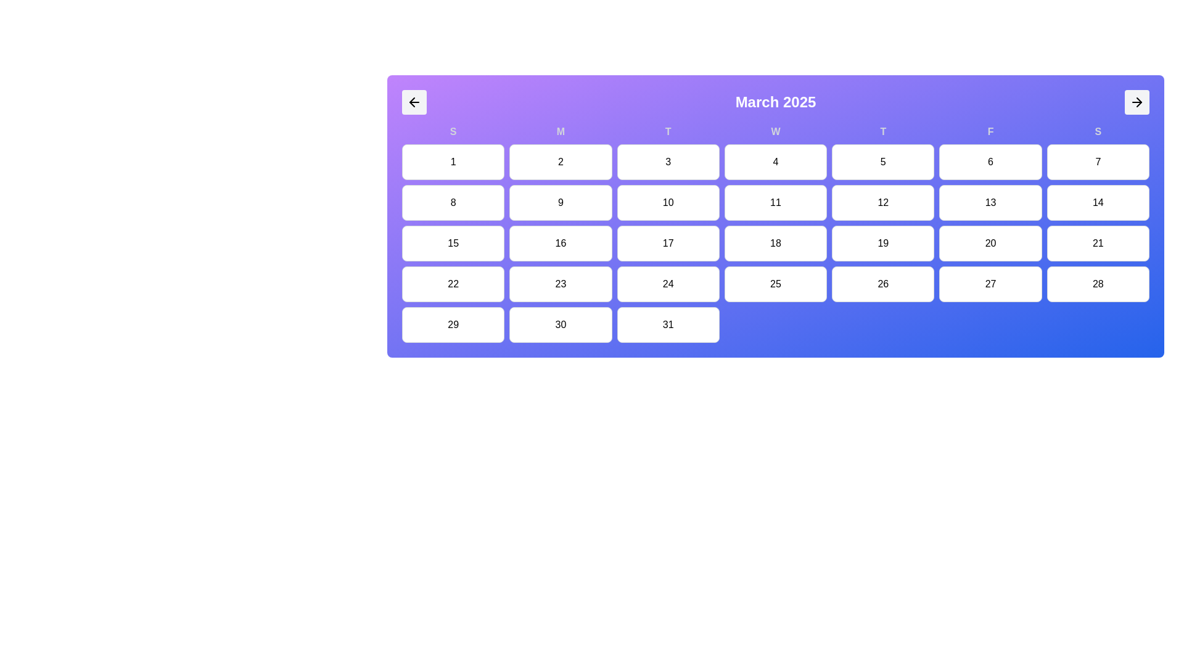 The height and width of the screenshot is (666, 1184). Describe the element at coordinates (990, 243) in the screenshot. I see `the white rectangular button with rounded corners and the text '20' in black font, located in the third row and sixth column of the calendar interface under the Friday (F) header` at that location.